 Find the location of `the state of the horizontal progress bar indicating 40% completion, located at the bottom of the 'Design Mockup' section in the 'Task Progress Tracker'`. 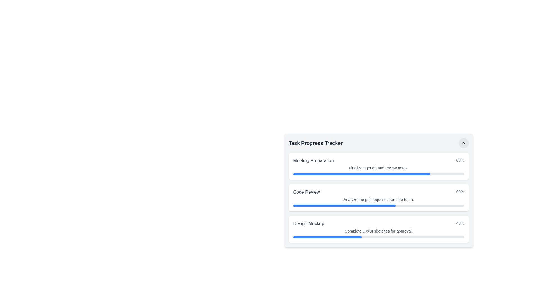

the state of the horizontal progress bar indicating 40% completion, located at the bottom of the 'Design Mockup' section in the 'Task Progress Tracker' is located at coordinates (379, 237).